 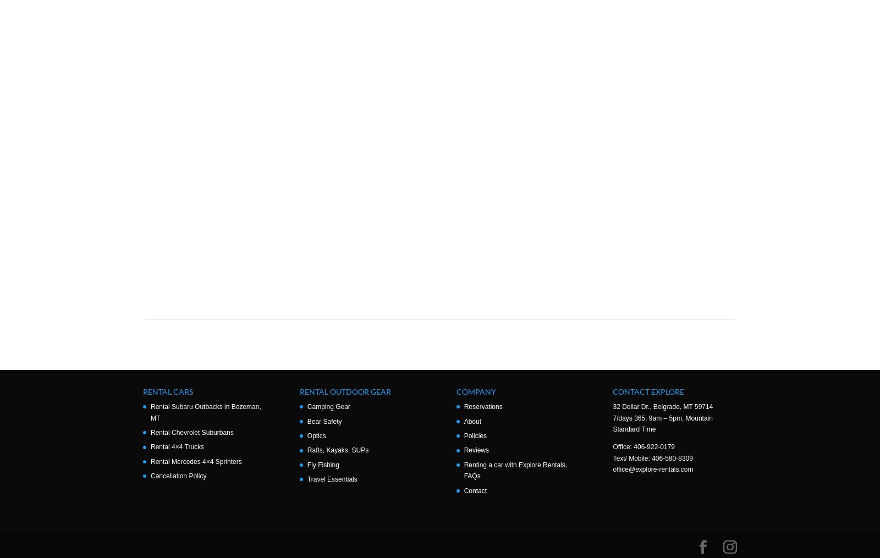 What do you see at coordinates (191, 432) in the screenshot?
I see `'Rental Chevrolet Suburbans'` at bounding box center [191, 432].